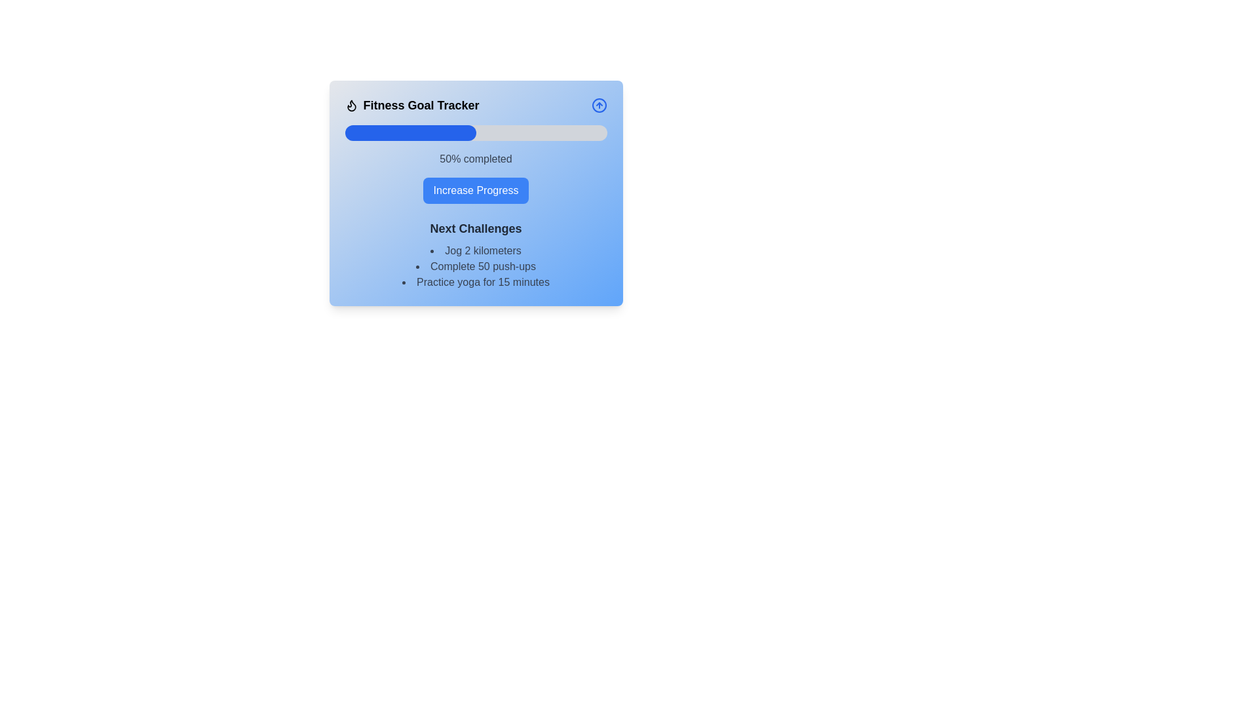 This screenshot has width=1258, height=708. Describe the element at coordinates (475, 250) in the screenshot. I see `text label that informs the user about the specific fitness challenge, which is the first item in the list under the 'Next Challenges' heading` at that location.